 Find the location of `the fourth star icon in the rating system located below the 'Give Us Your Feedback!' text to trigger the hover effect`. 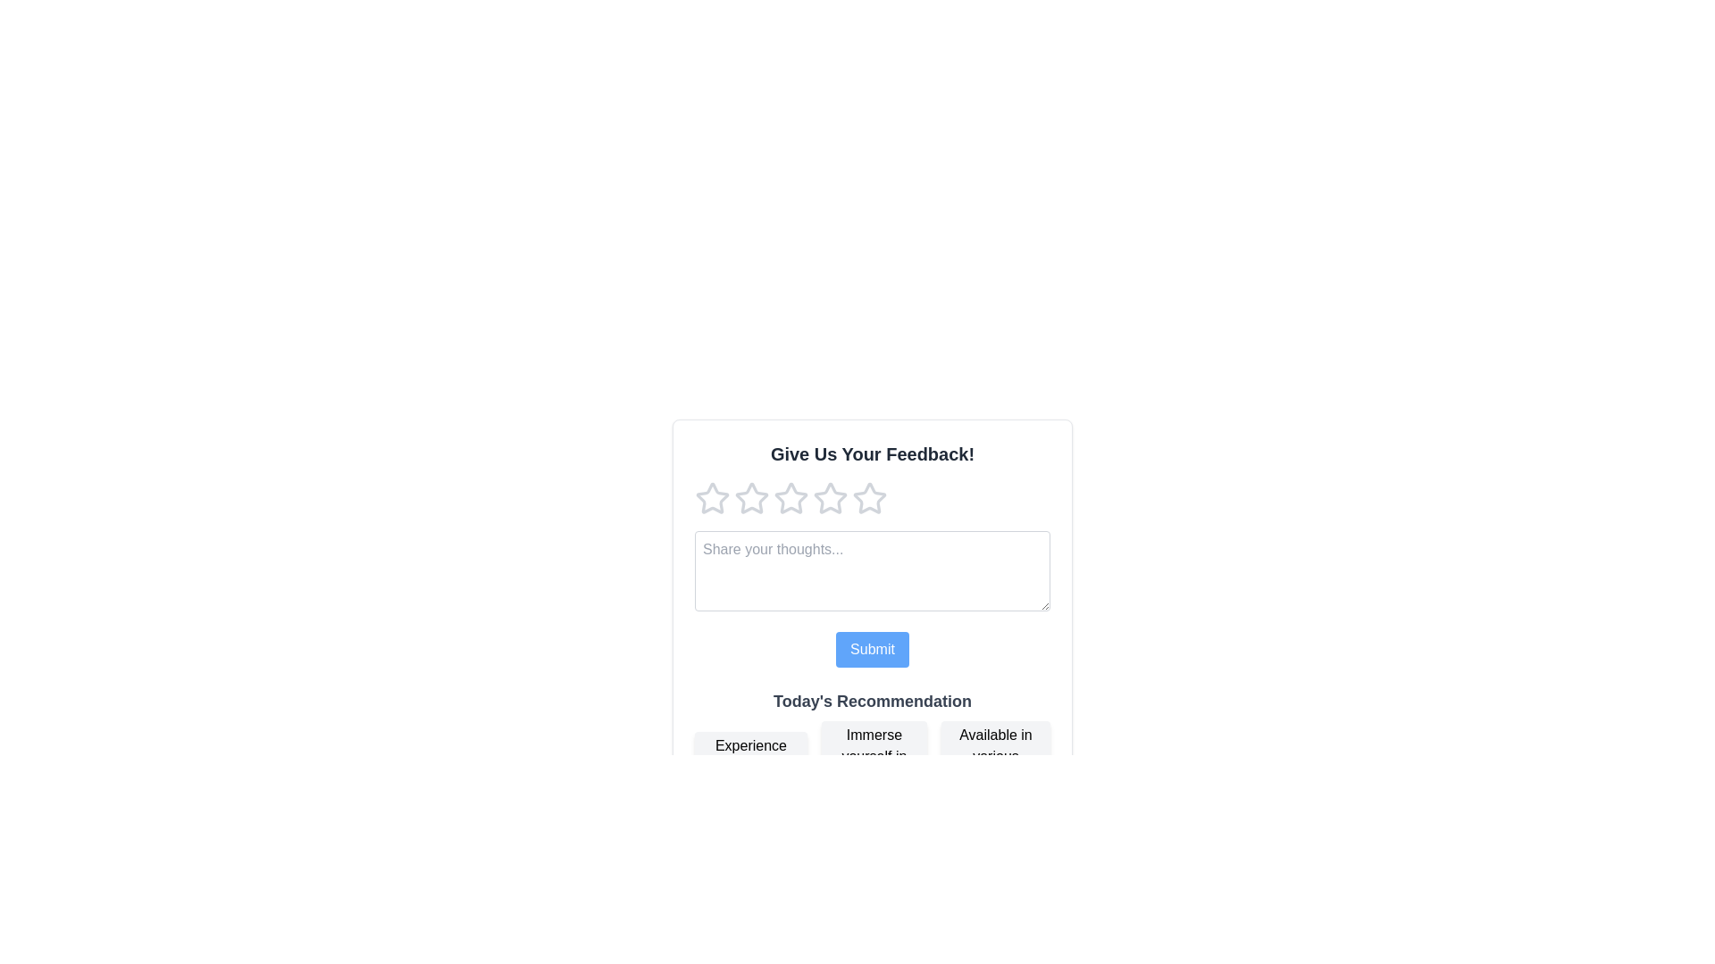

the fourth star icon in the rating system located below the 'Give Us Your Feedback!' text to trigger the hover effect is located at coordinates (870, 498).